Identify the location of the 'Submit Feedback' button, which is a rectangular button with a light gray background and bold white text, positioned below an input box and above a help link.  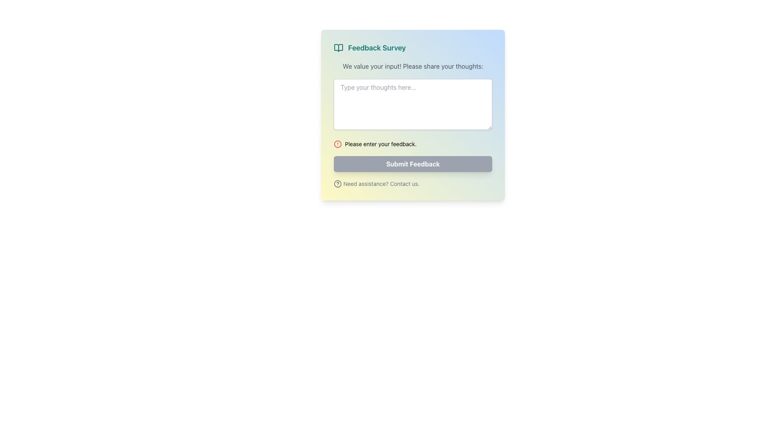
(413, 163).